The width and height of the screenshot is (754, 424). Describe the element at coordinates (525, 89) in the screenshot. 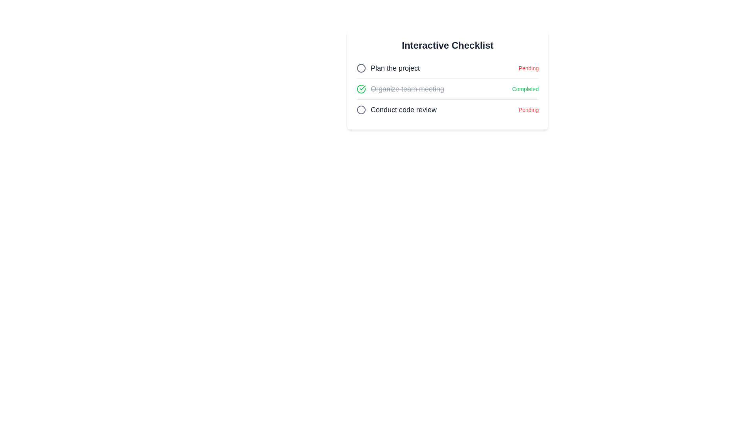

I see `the status indicator text label that marks the associated task as completed, located near 'Organize team meeting'` at that location.